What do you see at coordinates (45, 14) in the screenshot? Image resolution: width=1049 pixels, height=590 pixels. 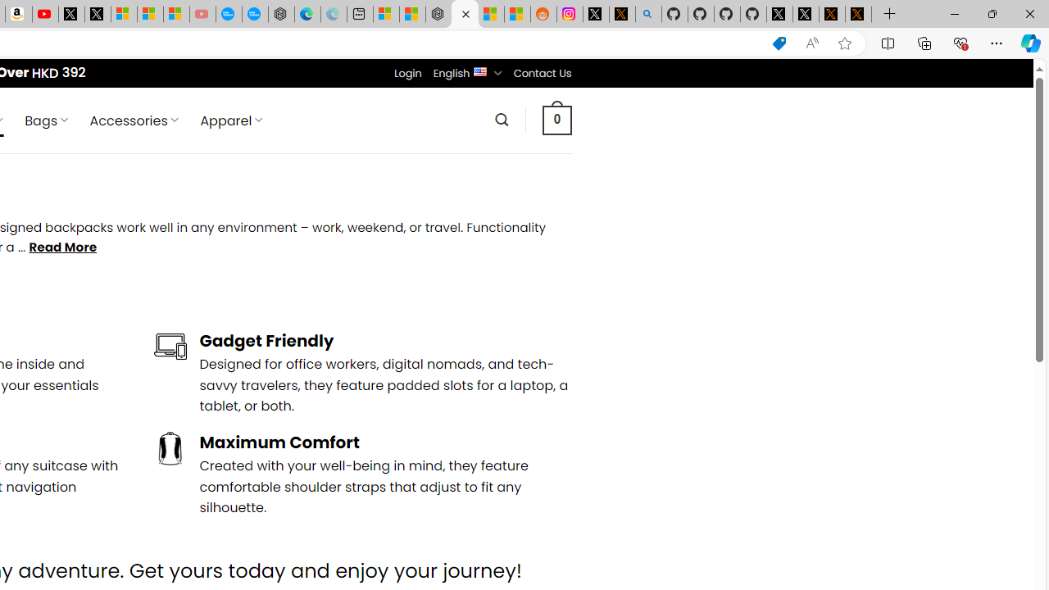 I see `'Day 1: Arriving in Yemen (surreal to be here) - YouTube'` at bounding box center [45, 14].